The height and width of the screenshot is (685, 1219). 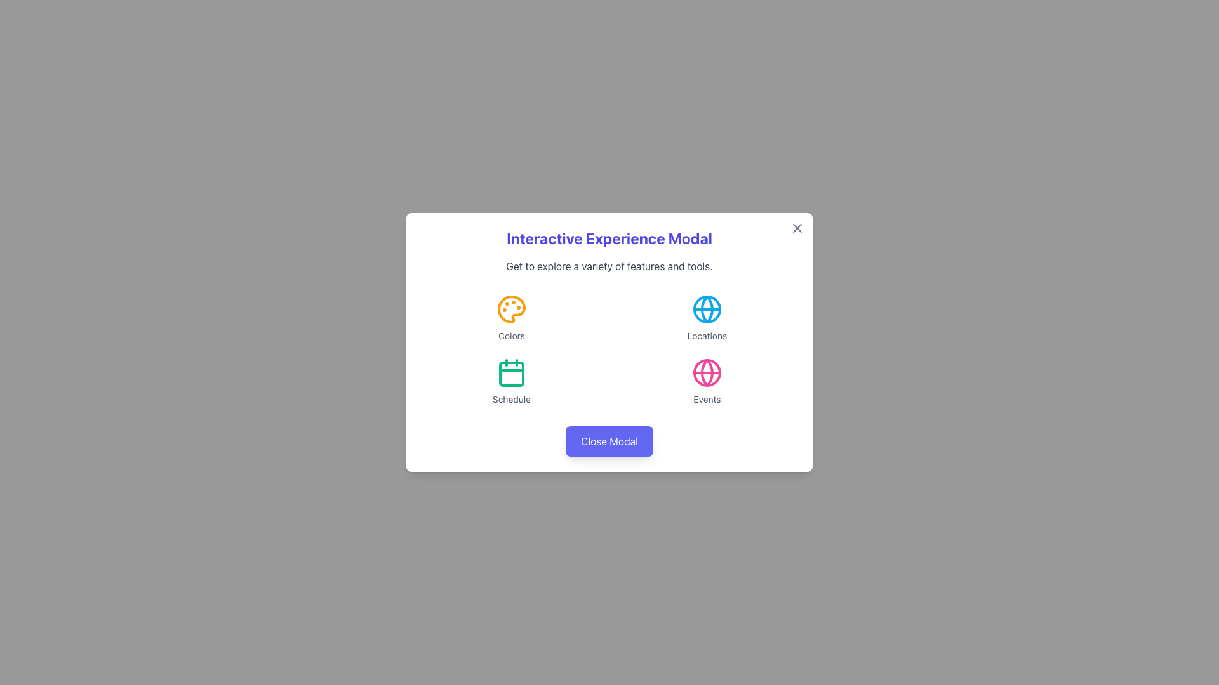 I want to click on descriptive text label located below the title 'Interactive Experience Modal' in the upper-center part of the modal window, so click(x=609, y=266).